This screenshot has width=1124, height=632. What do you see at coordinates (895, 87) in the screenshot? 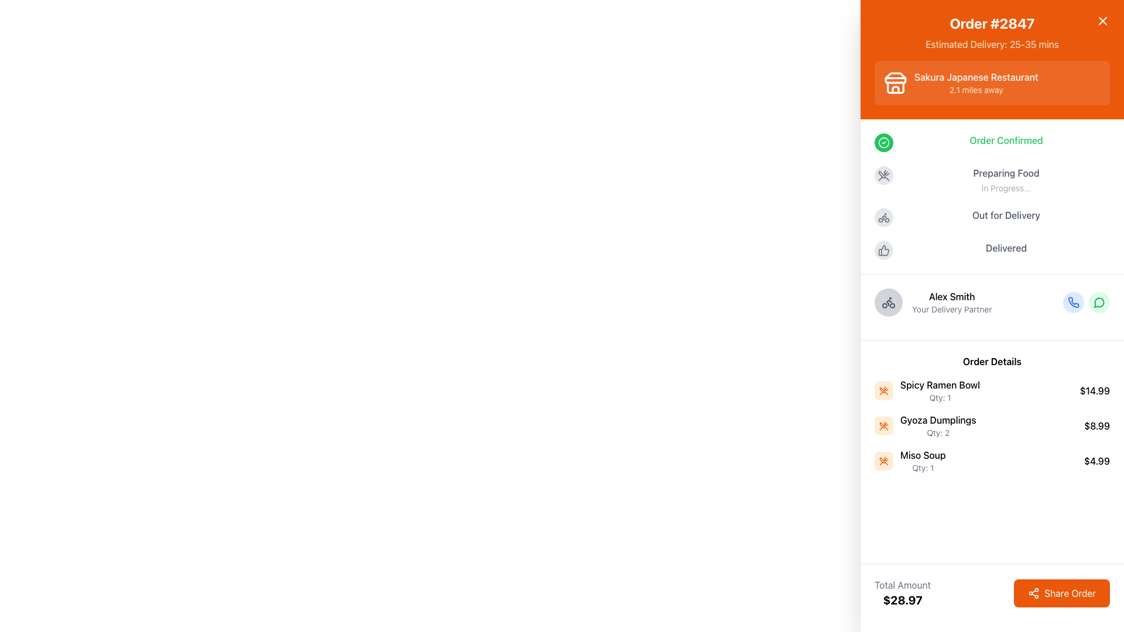
I see `the rectangular graphical icon resembling a building or storefront, located in the orange header section of the sidebar beside 'Sakura Japanese Restaurant'` at bounding box center [895, 87].